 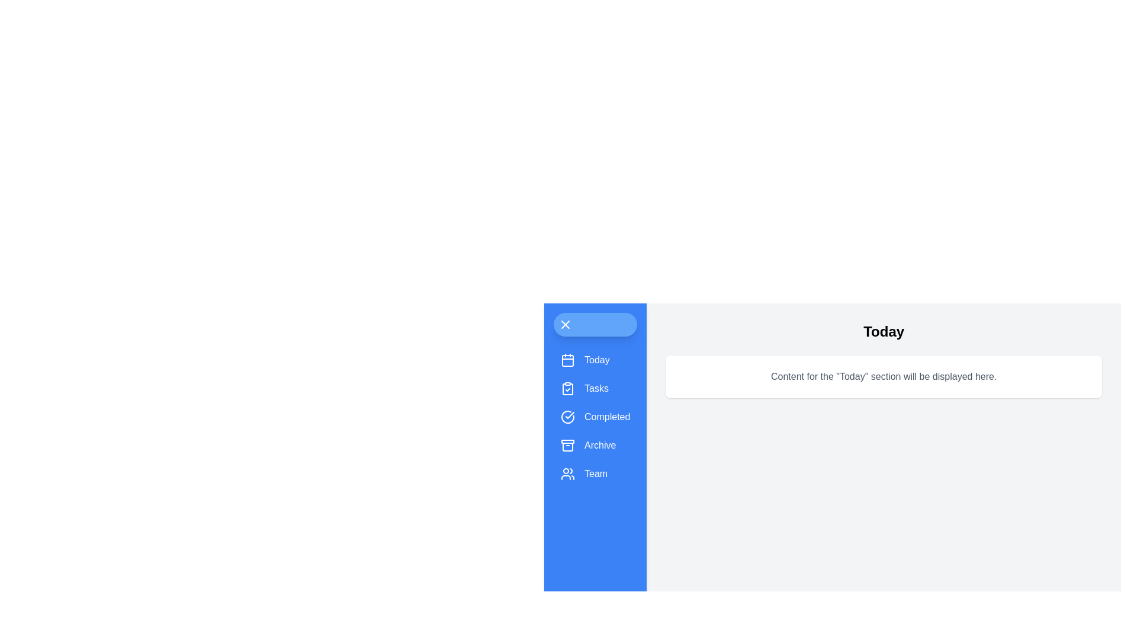 What do you see at coordinates (595, 417) in the screenshot?
I see `the tab labeled Completed from the side menu` at bounding box center [595, 417].